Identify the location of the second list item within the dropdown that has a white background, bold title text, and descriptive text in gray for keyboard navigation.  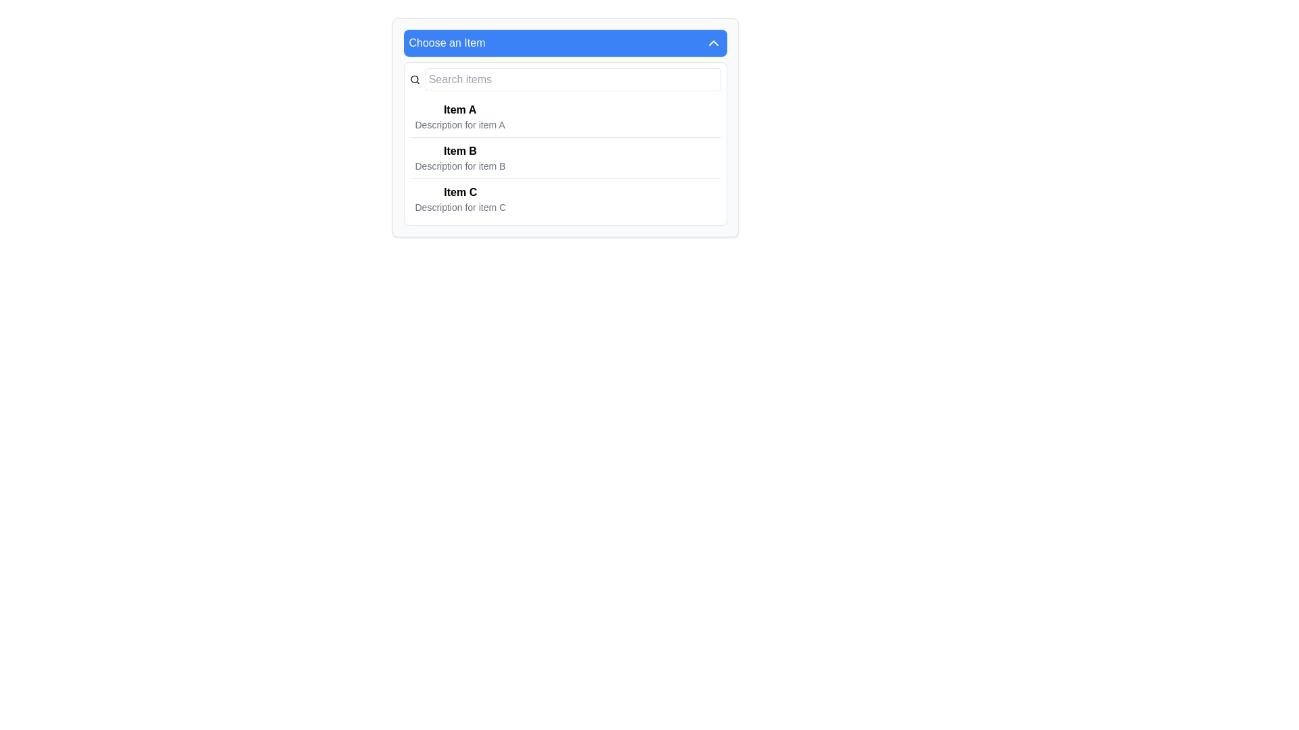
(565, 143).